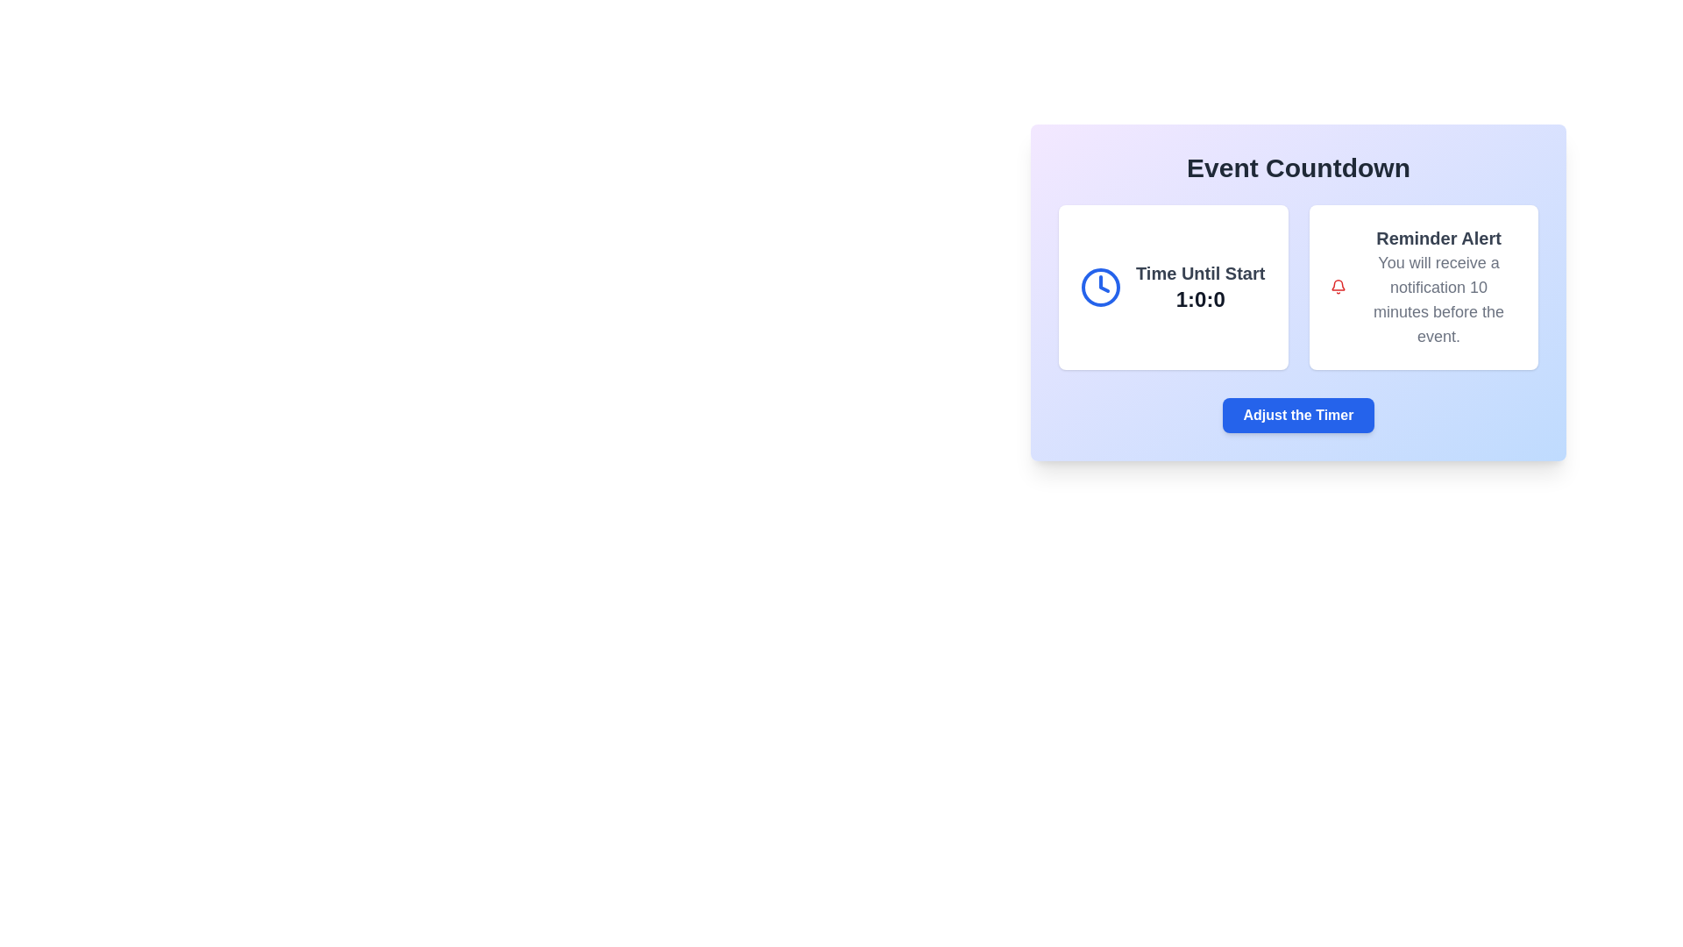  What do you see at coordinates (1438, 286) in the screenshot?
I see `the 'Reminder Alert' text area` at bounding box center [1438, 286].